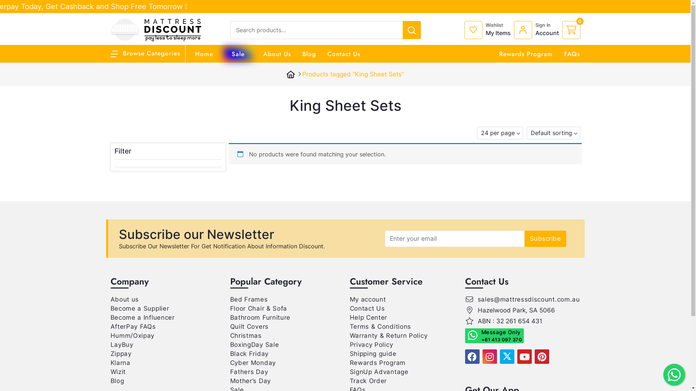 The width and height of the screenshot is (696, 391). What do you see at coordinates (377, 363) in the screenshot?
I see `'Rewards Program'` at bounding box center [377, 363].